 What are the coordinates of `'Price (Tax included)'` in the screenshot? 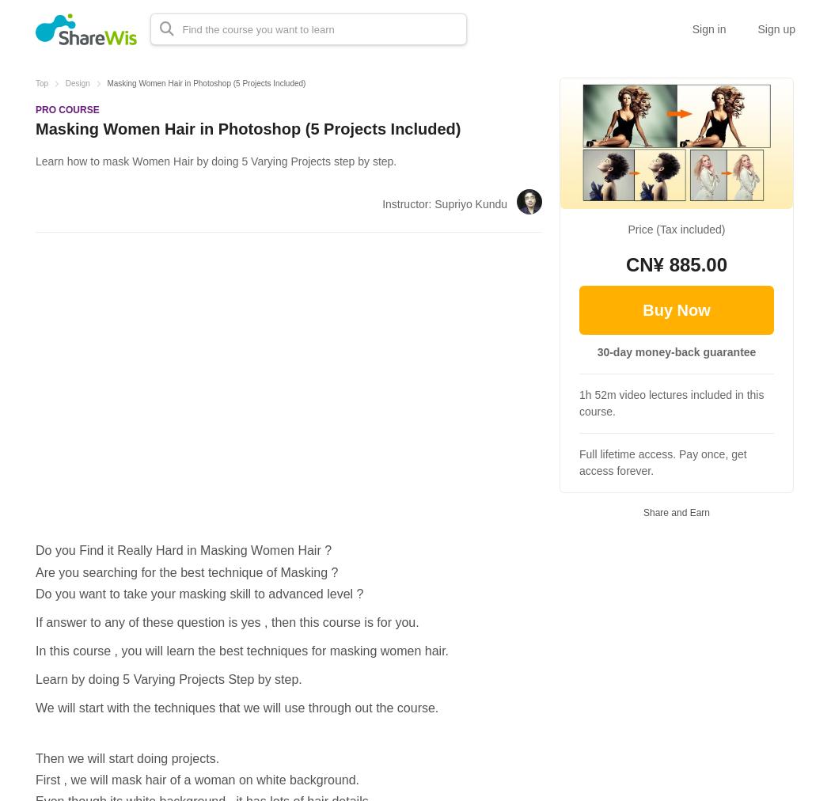 It's located at (676, 229).